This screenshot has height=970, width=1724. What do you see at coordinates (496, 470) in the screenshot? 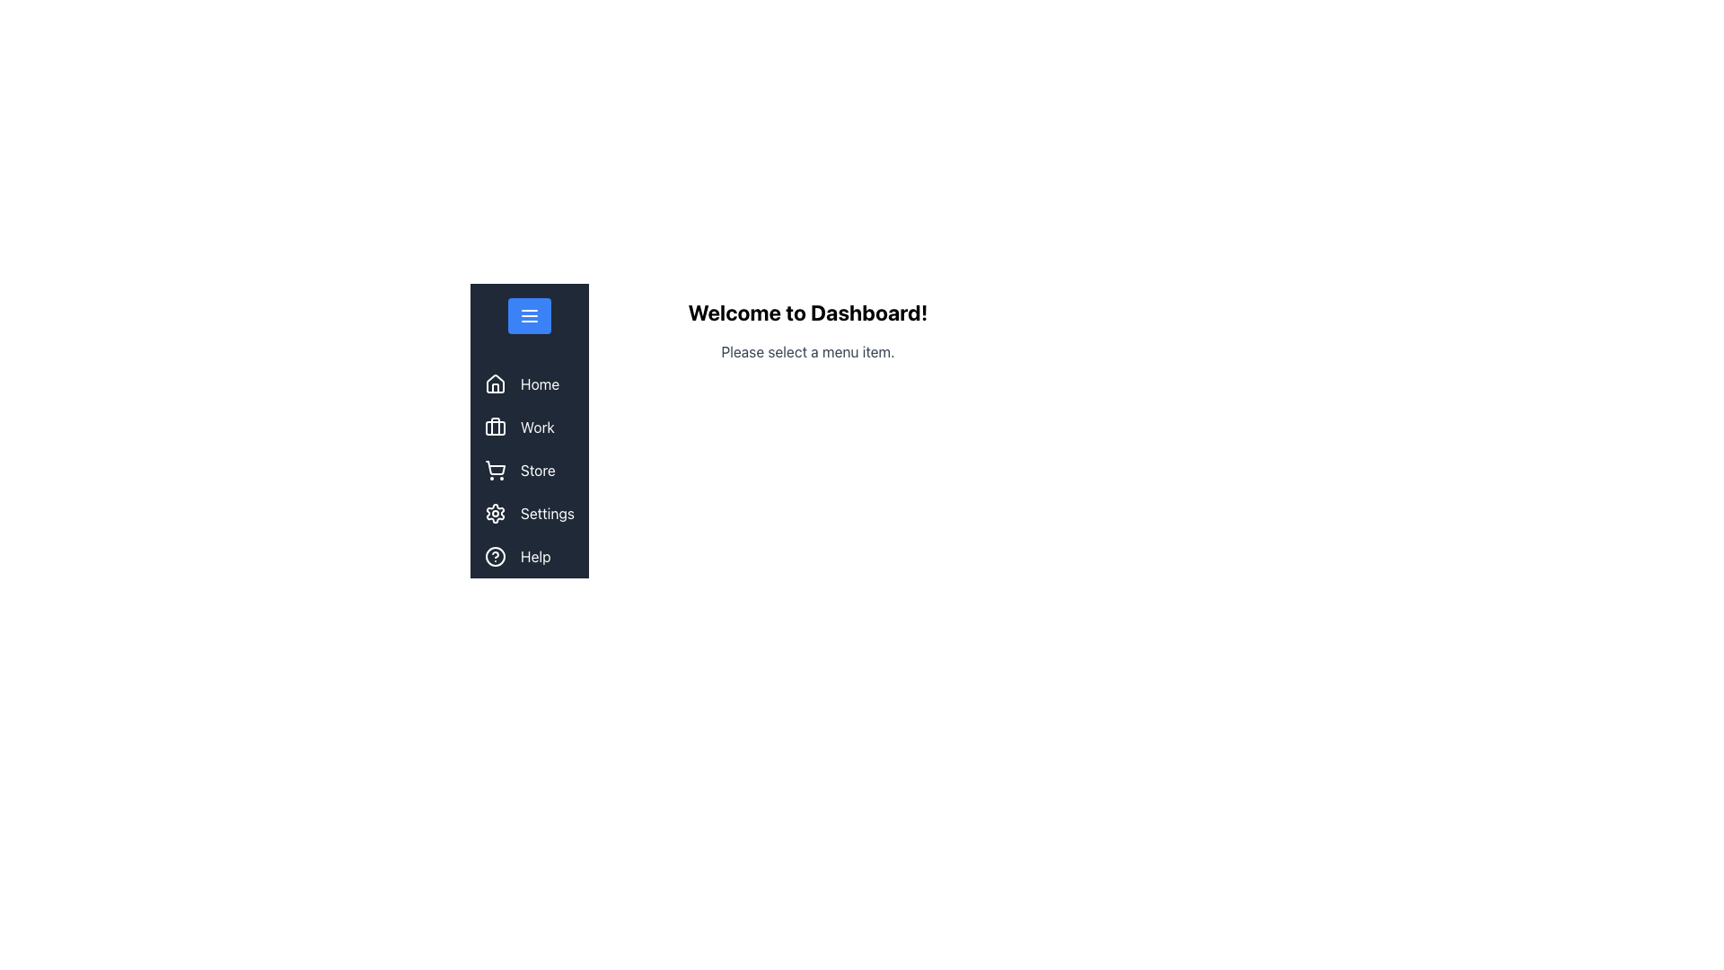
I see `the store icon located in the third interactive menu item of the navigation bar on the left, next to the text 'Store'` at bounding box center [496, 470].